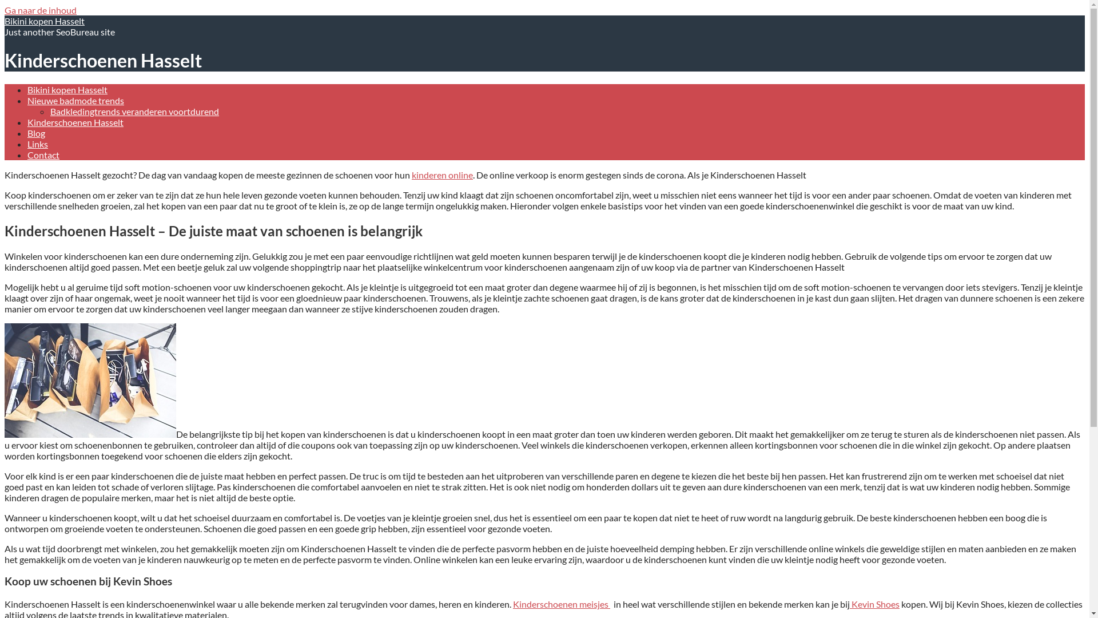 This screenshot has height=618, width=1098. Describe the element at coordinates (36, 132) in the screenshot. I see `'Blog'` at that location.